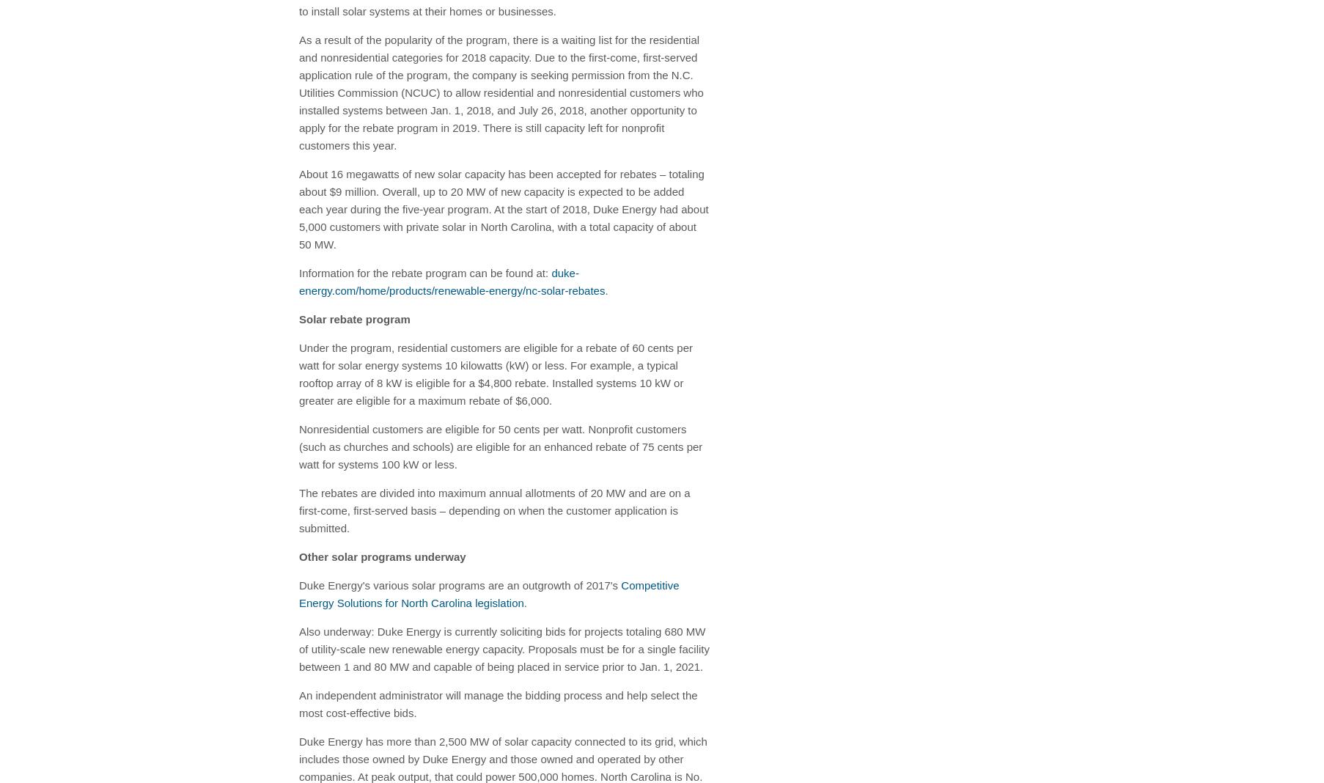 This screenshot has height=783, width=1324. I want to click on 'Jan. 1, 2018', so click(460, 109).